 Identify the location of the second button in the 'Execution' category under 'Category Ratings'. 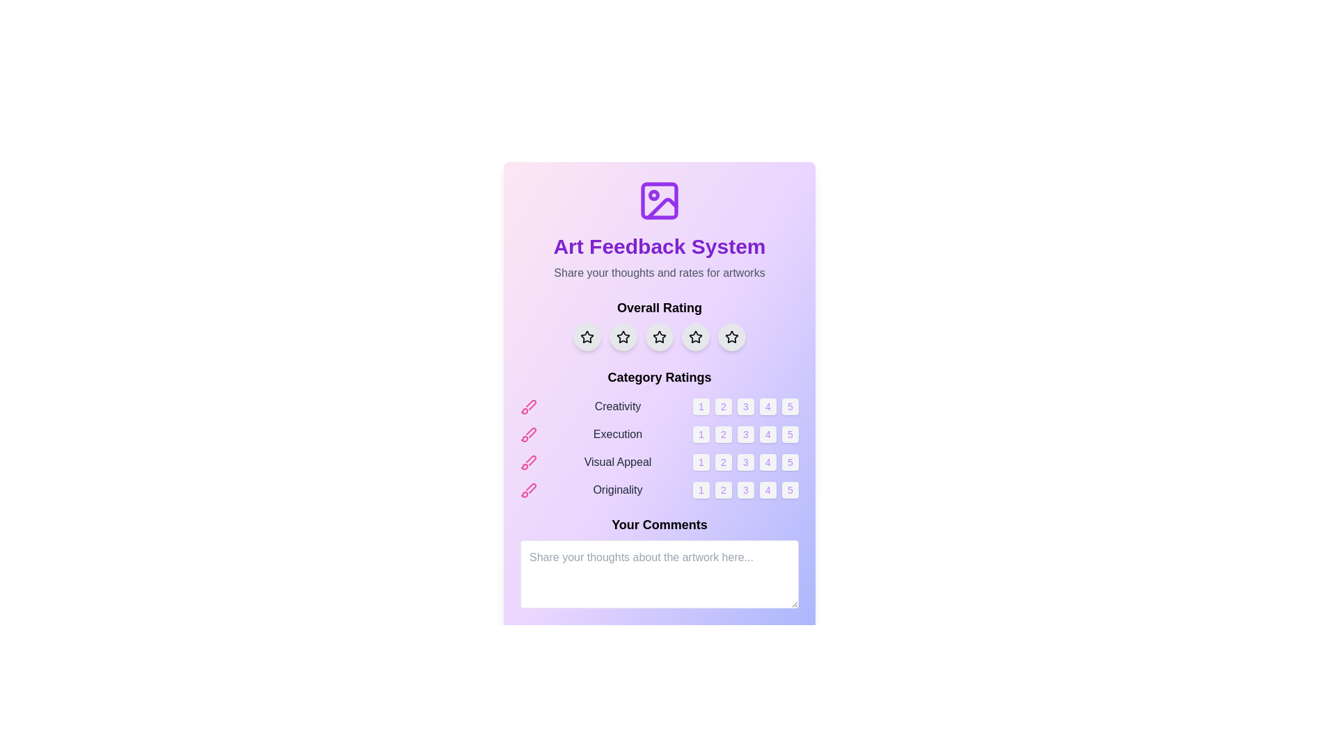
(724, 433).